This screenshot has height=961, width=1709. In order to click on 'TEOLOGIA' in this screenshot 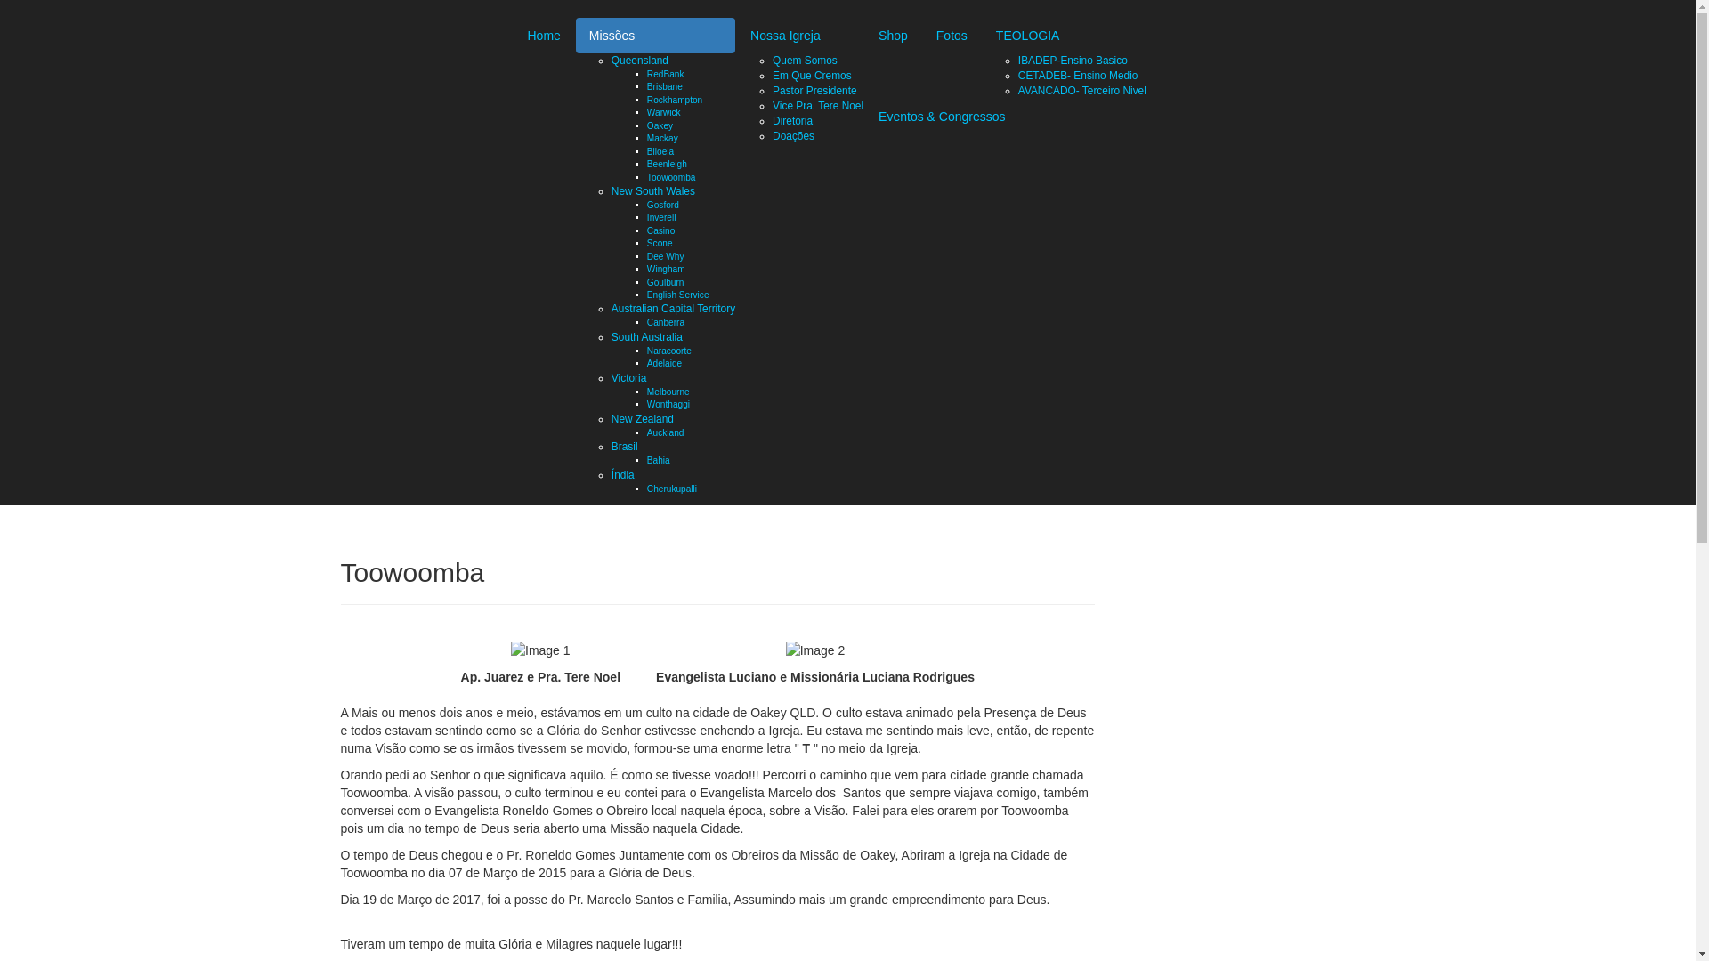, I will do `click(1064, 35)`.